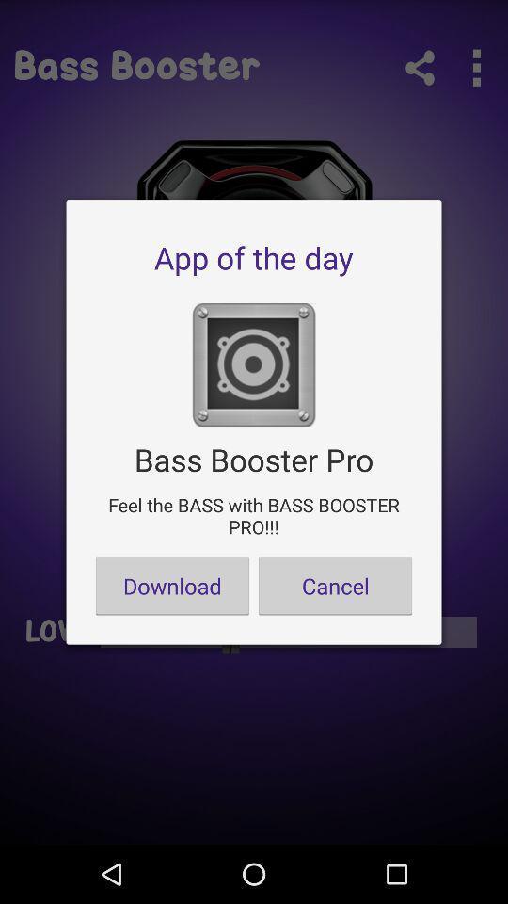 The width and height of the screenshot is (508, 904). I want to click on button next to download, so click(334, 585).